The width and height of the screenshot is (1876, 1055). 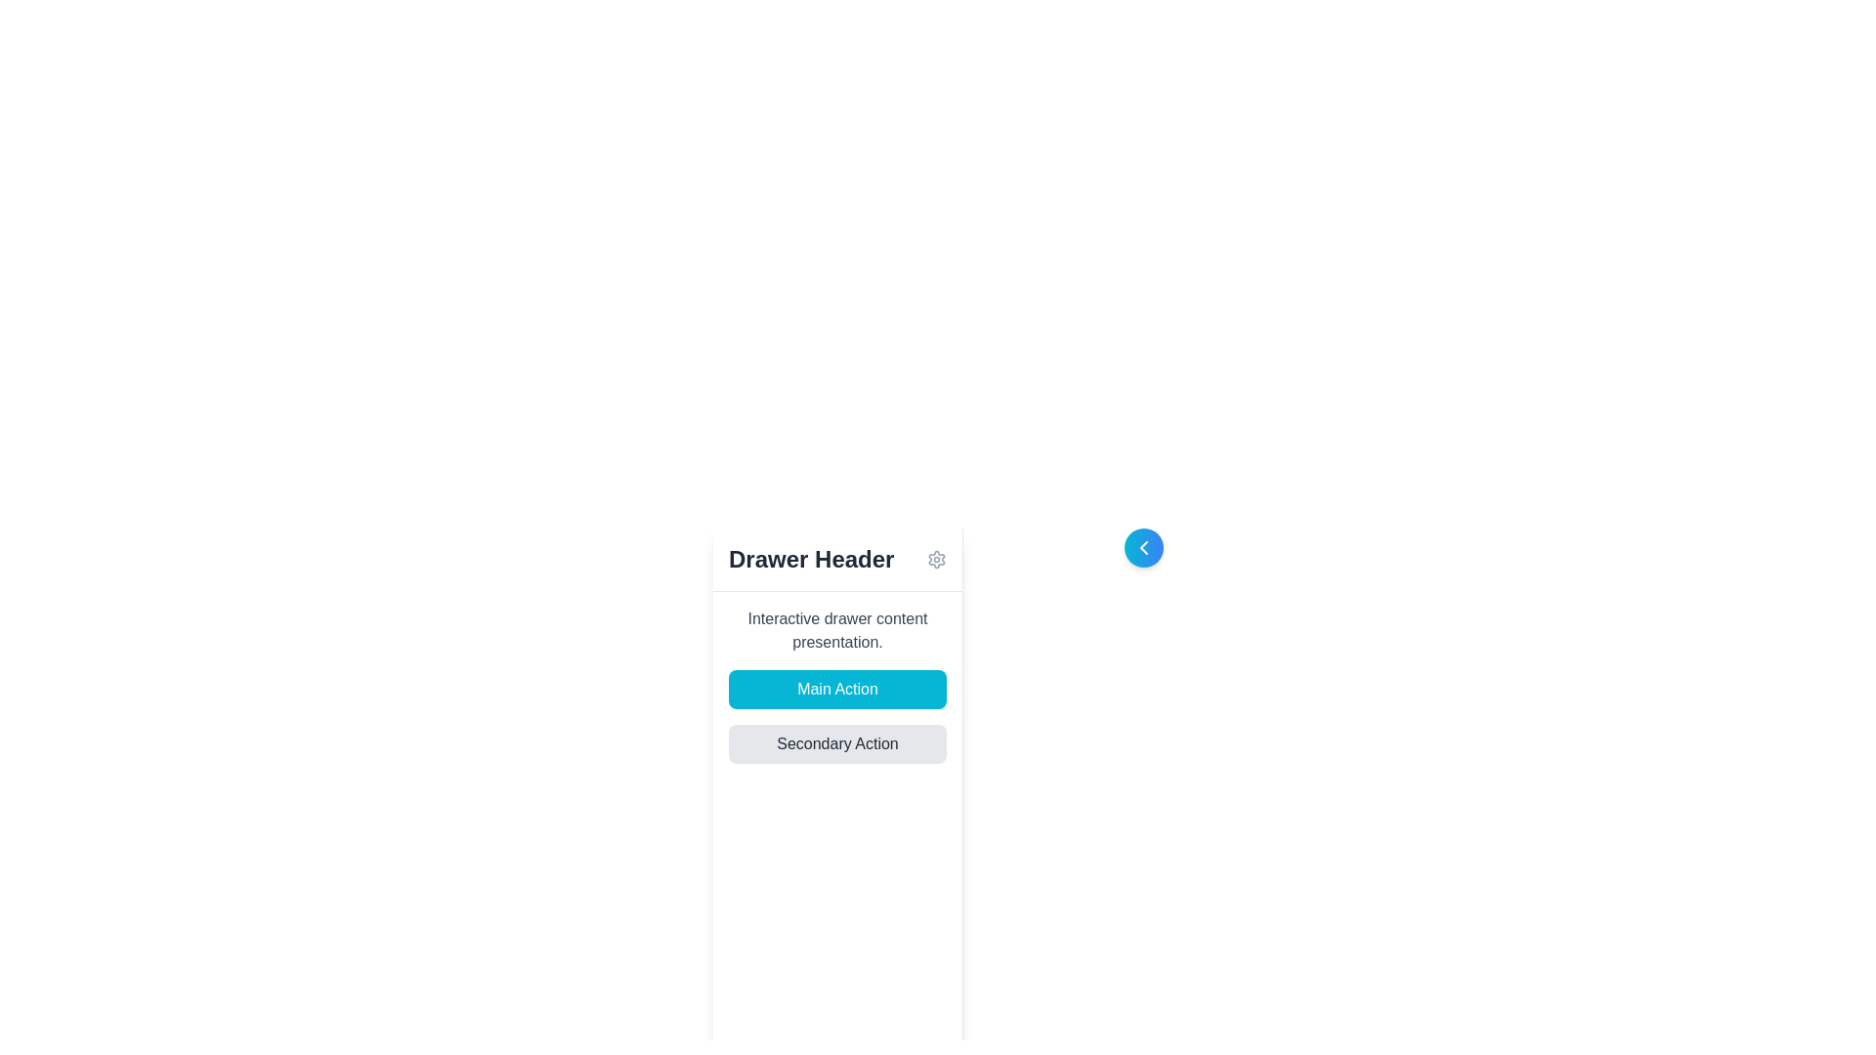 What do you see at coordinates (811, 560) in the screenshot?
I see `the static text label that serves as a title or header for the section below it, located near the top-center of the application's interface` at bounding box center [811, 560].